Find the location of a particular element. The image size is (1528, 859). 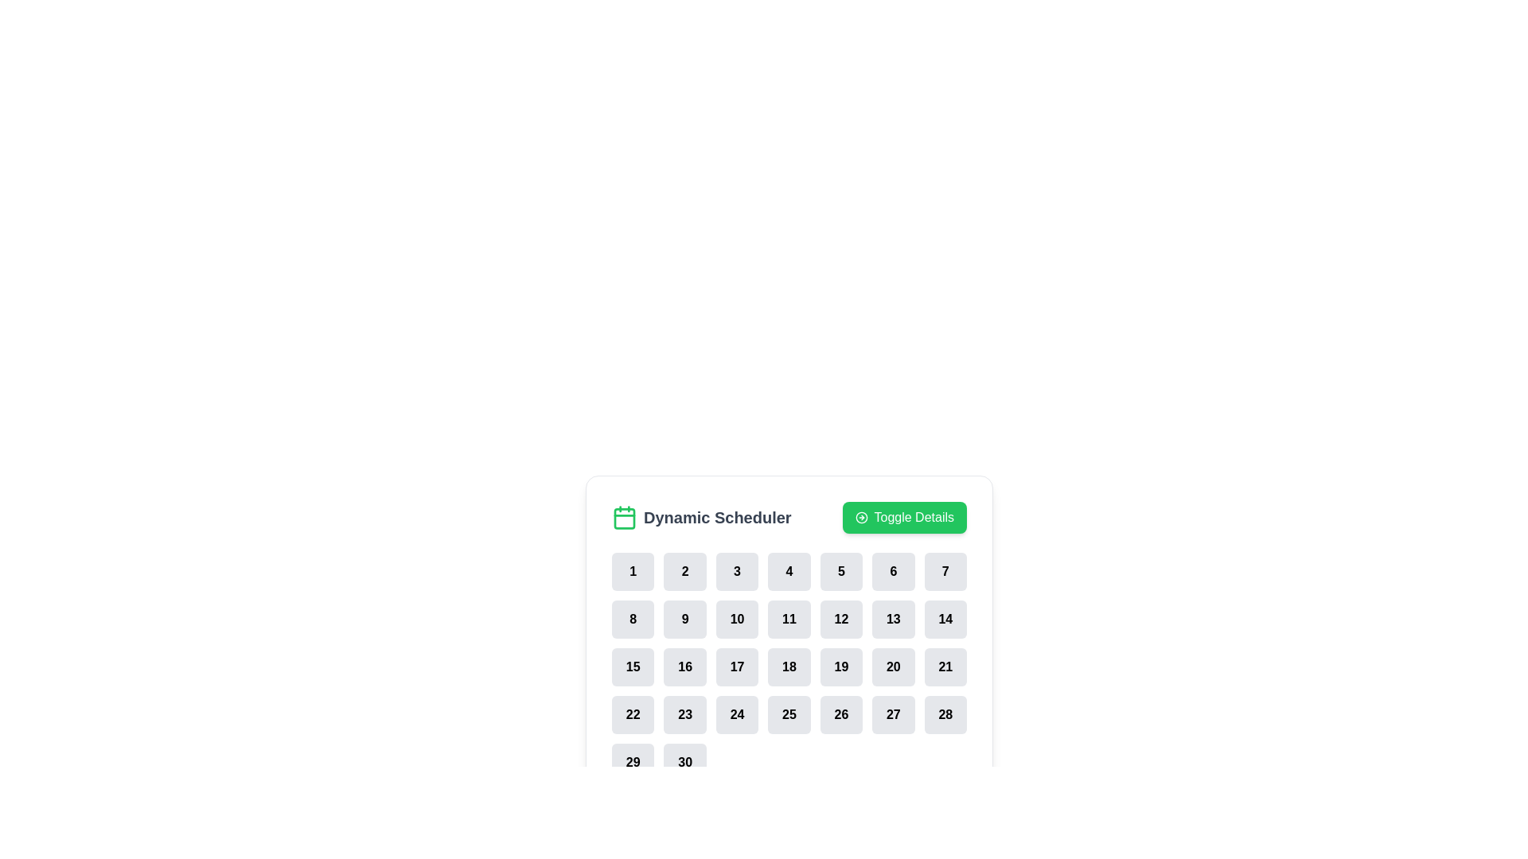

the button representing the number '8' in the calendar interface is located at coordinates (632, 619).